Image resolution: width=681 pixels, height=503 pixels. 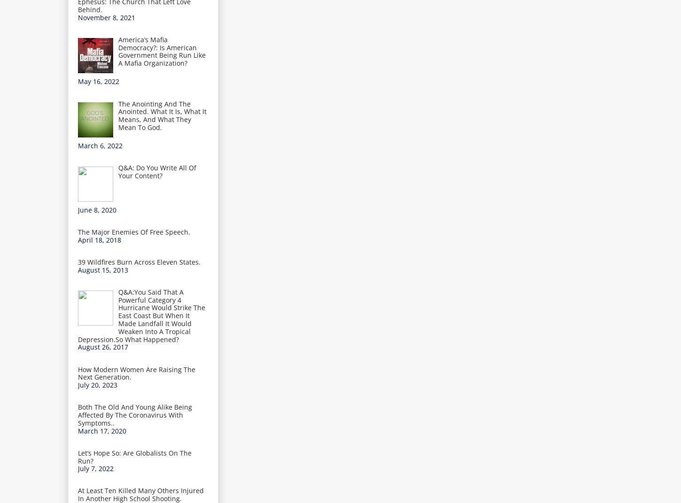 I want to click on 'March 17, 2020', so click(x=77, y=430).